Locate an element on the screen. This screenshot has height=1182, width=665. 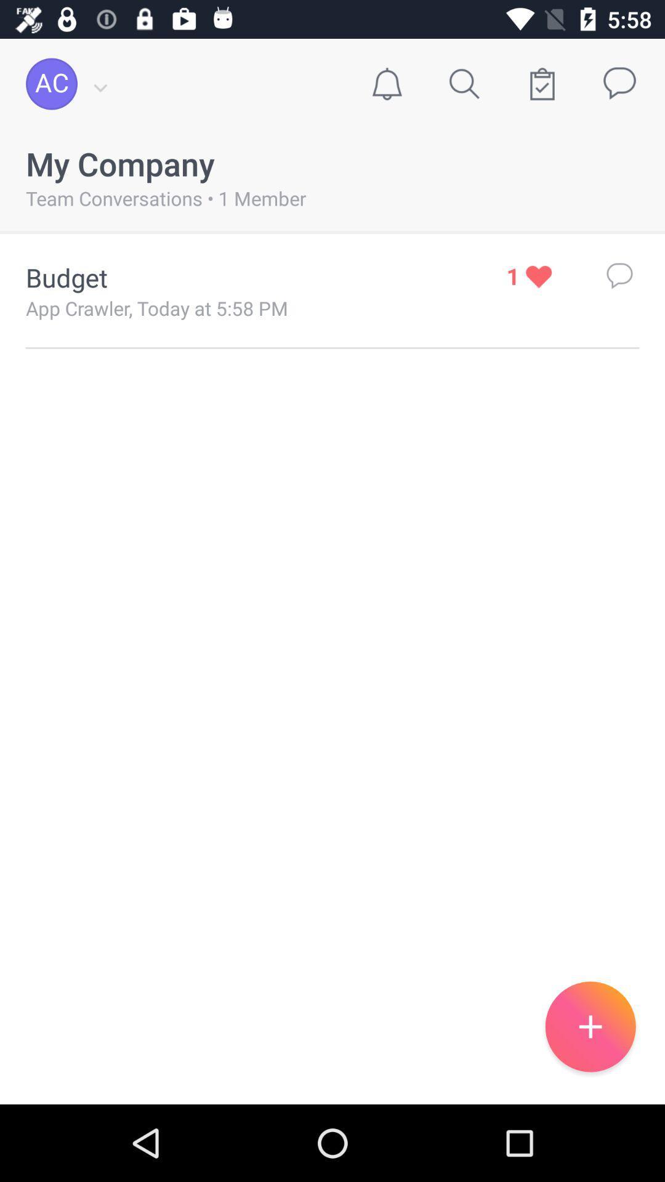
the add icon is located at coordinates (590, 1026).